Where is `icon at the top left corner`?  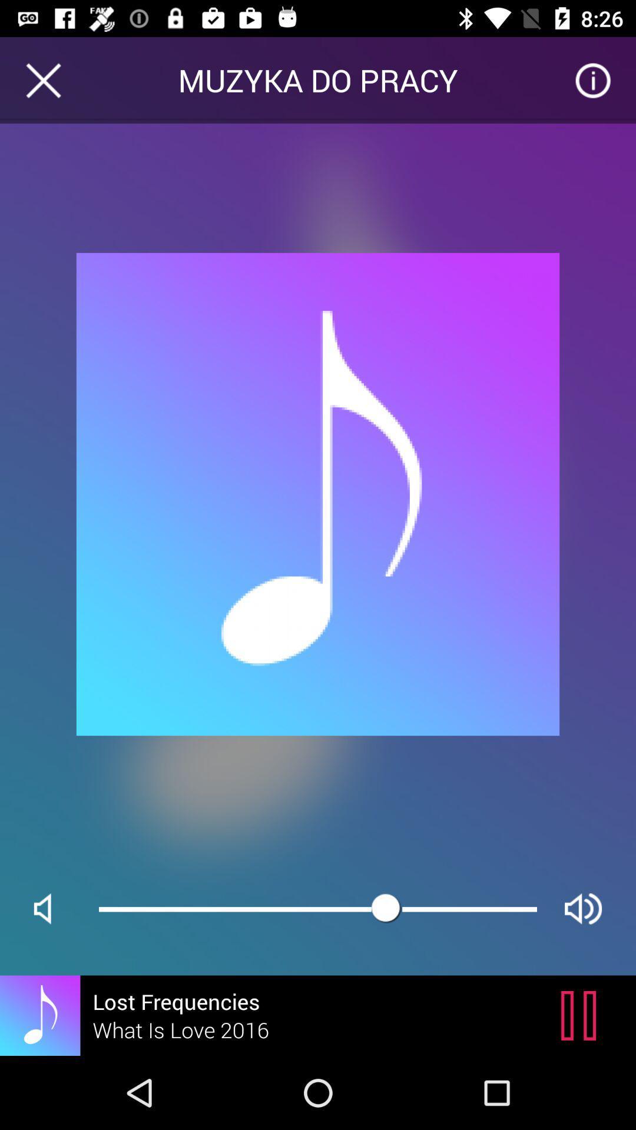 icon at the top left corner is located at coordinates (42, 79).